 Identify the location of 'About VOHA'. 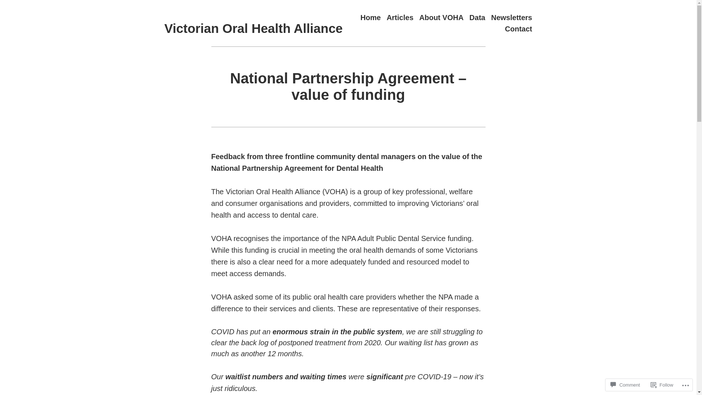
(441, 17).